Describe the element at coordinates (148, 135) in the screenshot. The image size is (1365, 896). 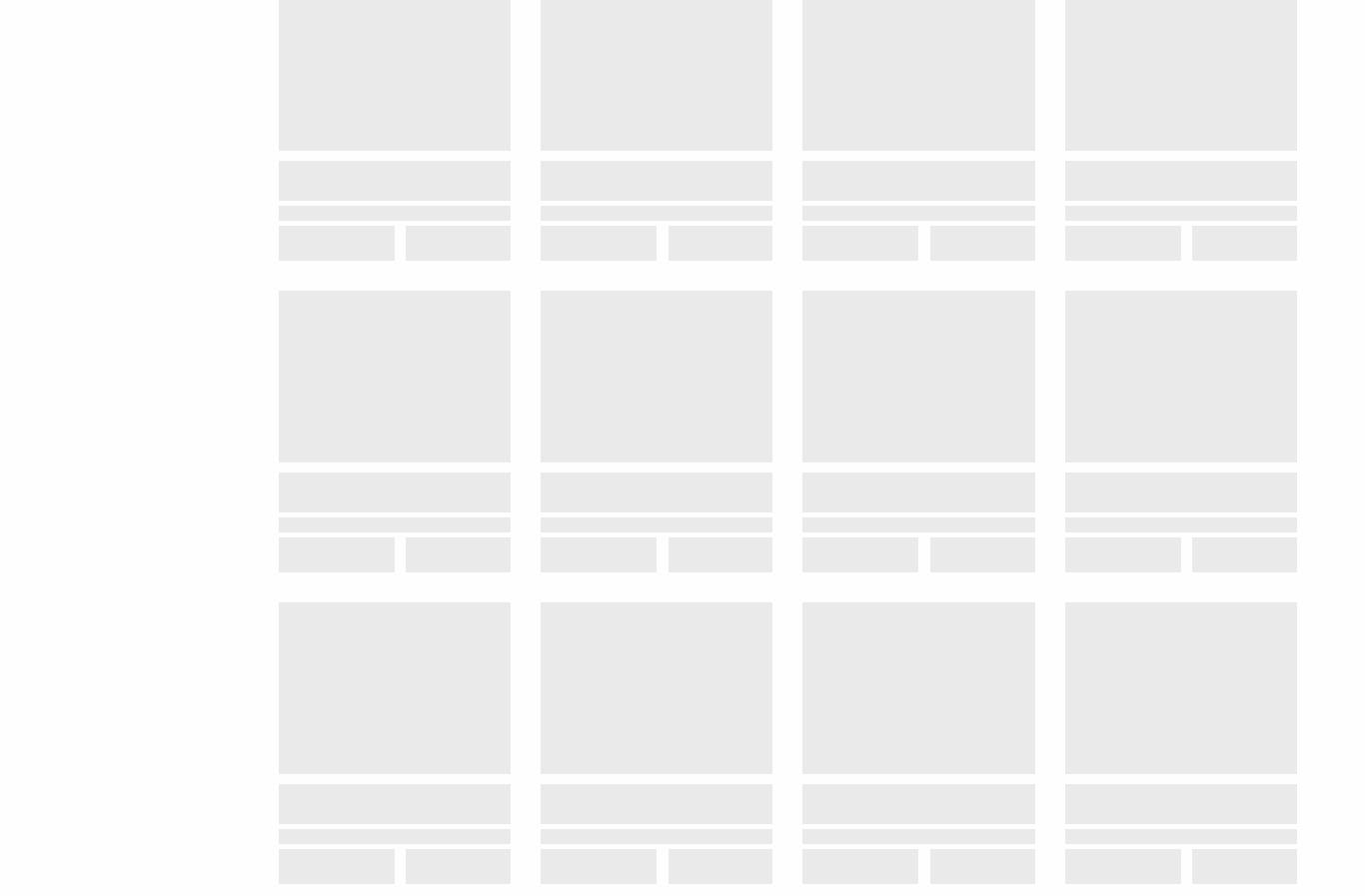
I see `'Mon-Fri: 8 a.m. to 4 p.m. ET'` at that location.